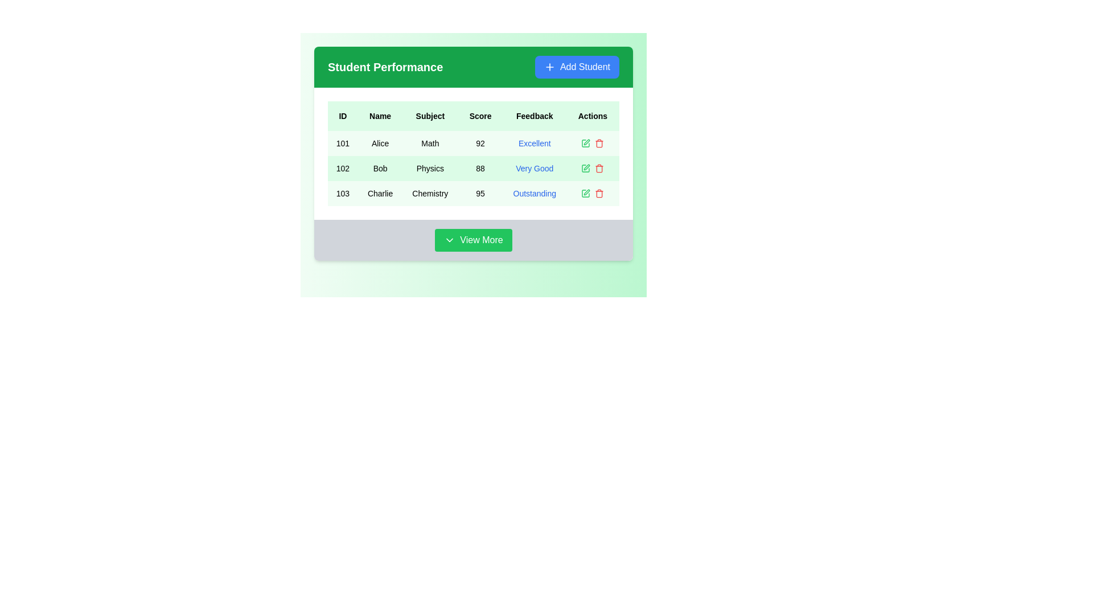  What do you see at coordinates (586, 192) in the screenshot?
I see `the edit button in the 'Actions' column for the 'Charlie' row` at bounding box center [586, 192].